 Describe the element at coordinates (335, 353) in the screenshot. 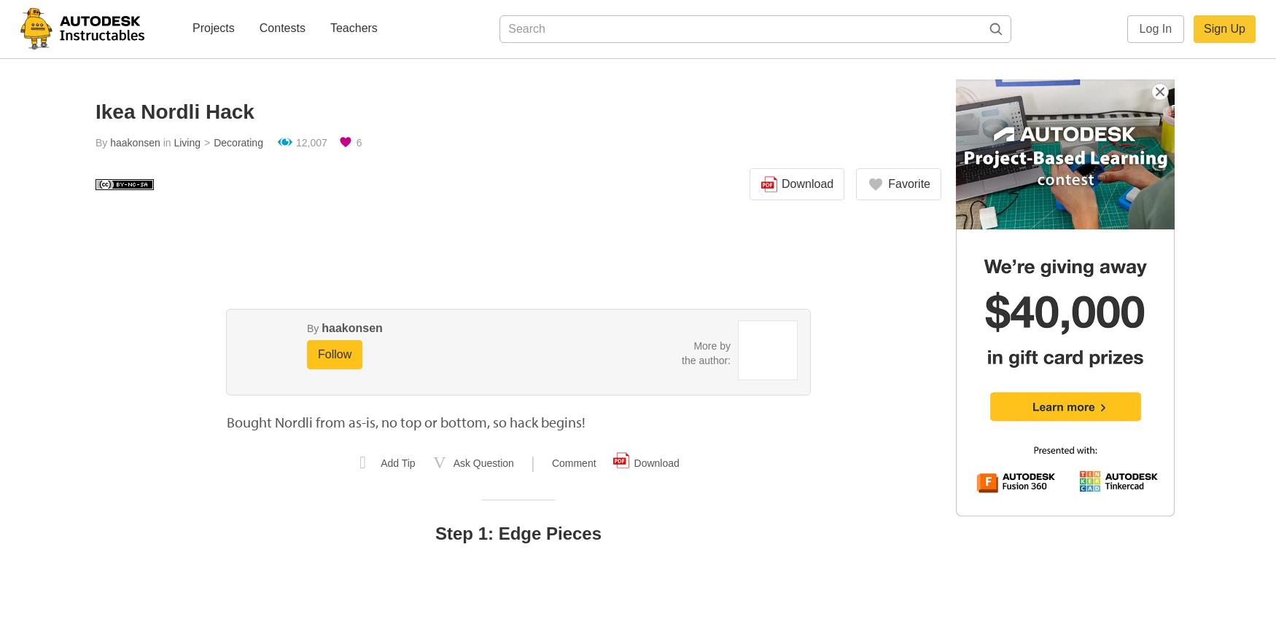

I see `'Follow'` at that location.